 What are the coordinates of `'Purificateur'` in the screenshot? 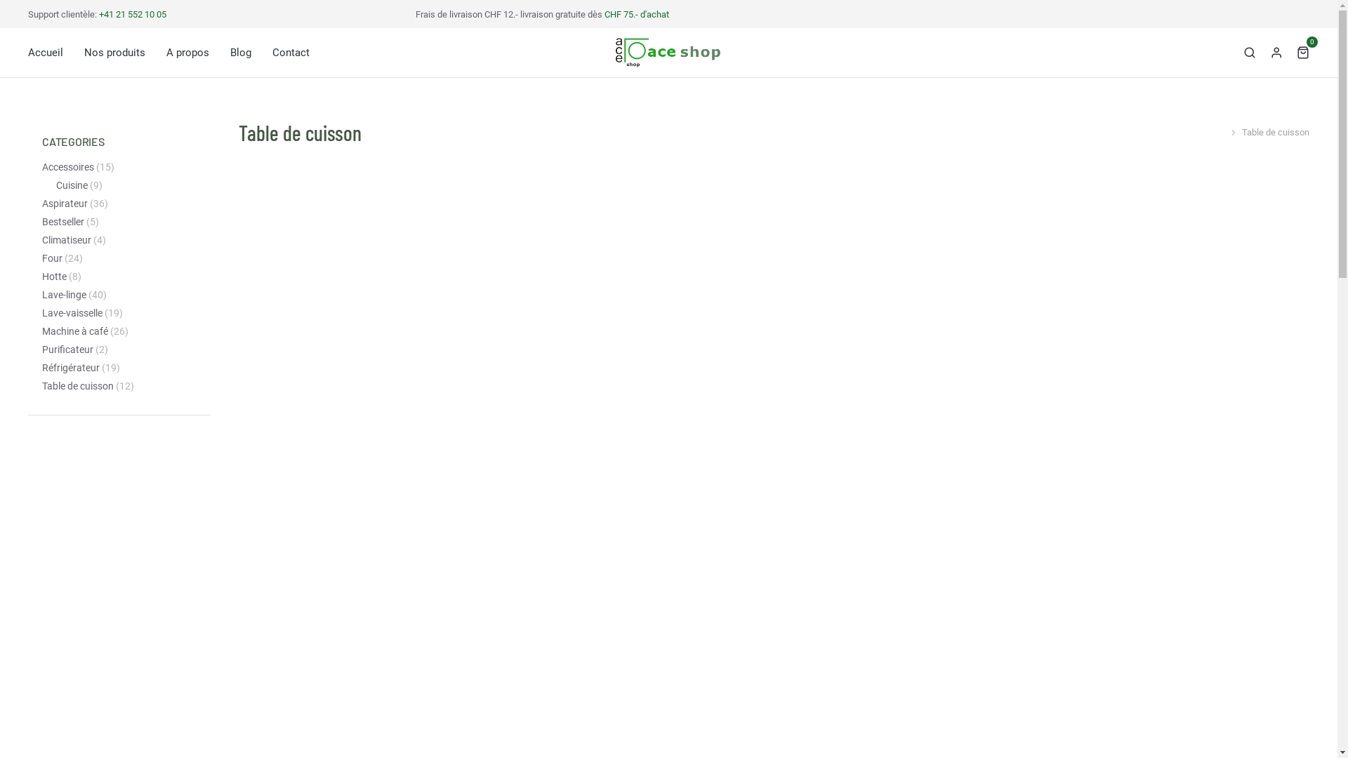 It's located at (67, 349).